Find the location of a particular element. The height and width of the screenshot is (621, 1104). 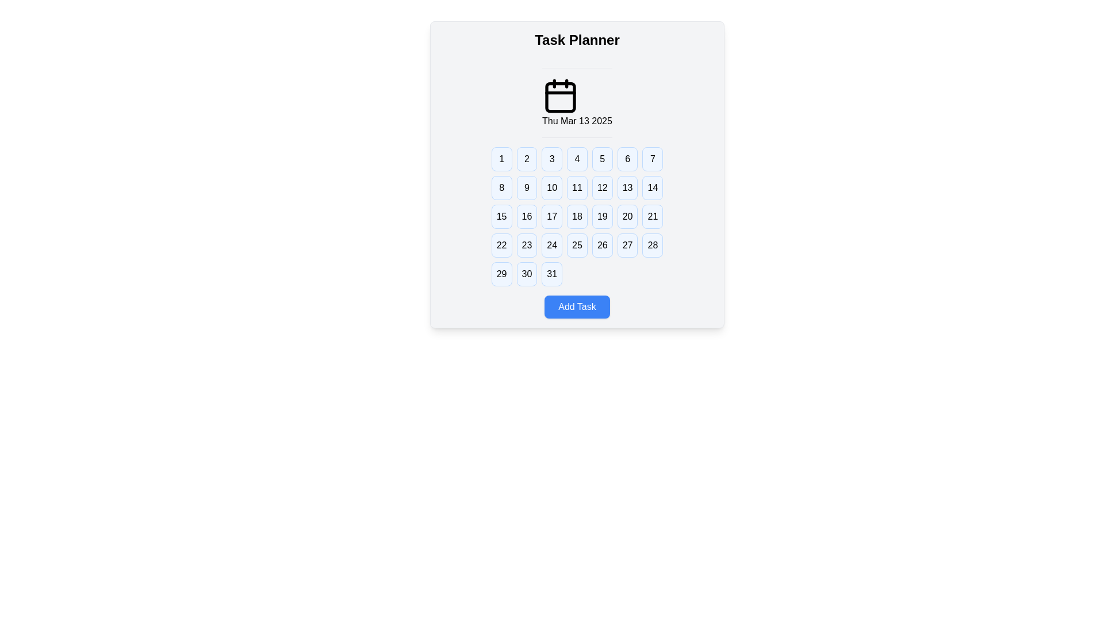

the specific day in the calendar grid UI component, which is styled with rounded edges and light blue backgrounds, located below the 'Task Planner' title and the date display 'Thu Mar 13 2025' is located at coordinates (577, 217).